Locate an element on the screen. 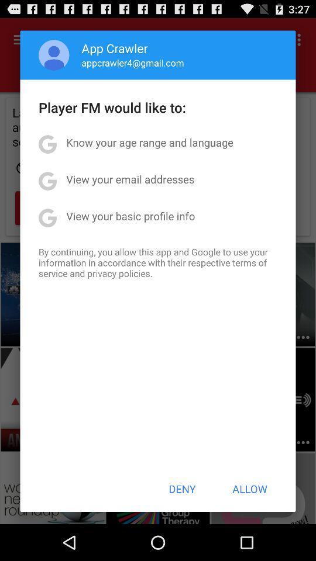 Image resolution: width=316 pixels, height=561 pixels. the item to the left of the app crawler is located at coordinates (53, 55).